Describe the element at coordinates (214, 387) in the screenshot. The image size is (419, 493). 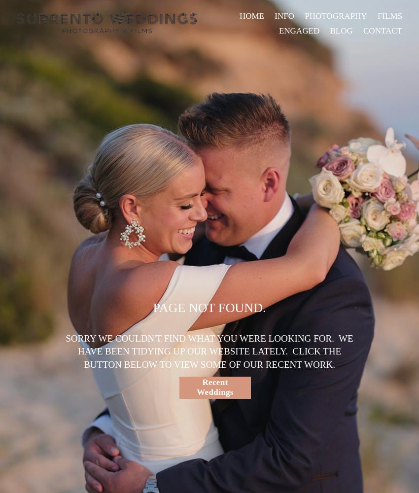
I see `'Recent Weddings'` at that location.